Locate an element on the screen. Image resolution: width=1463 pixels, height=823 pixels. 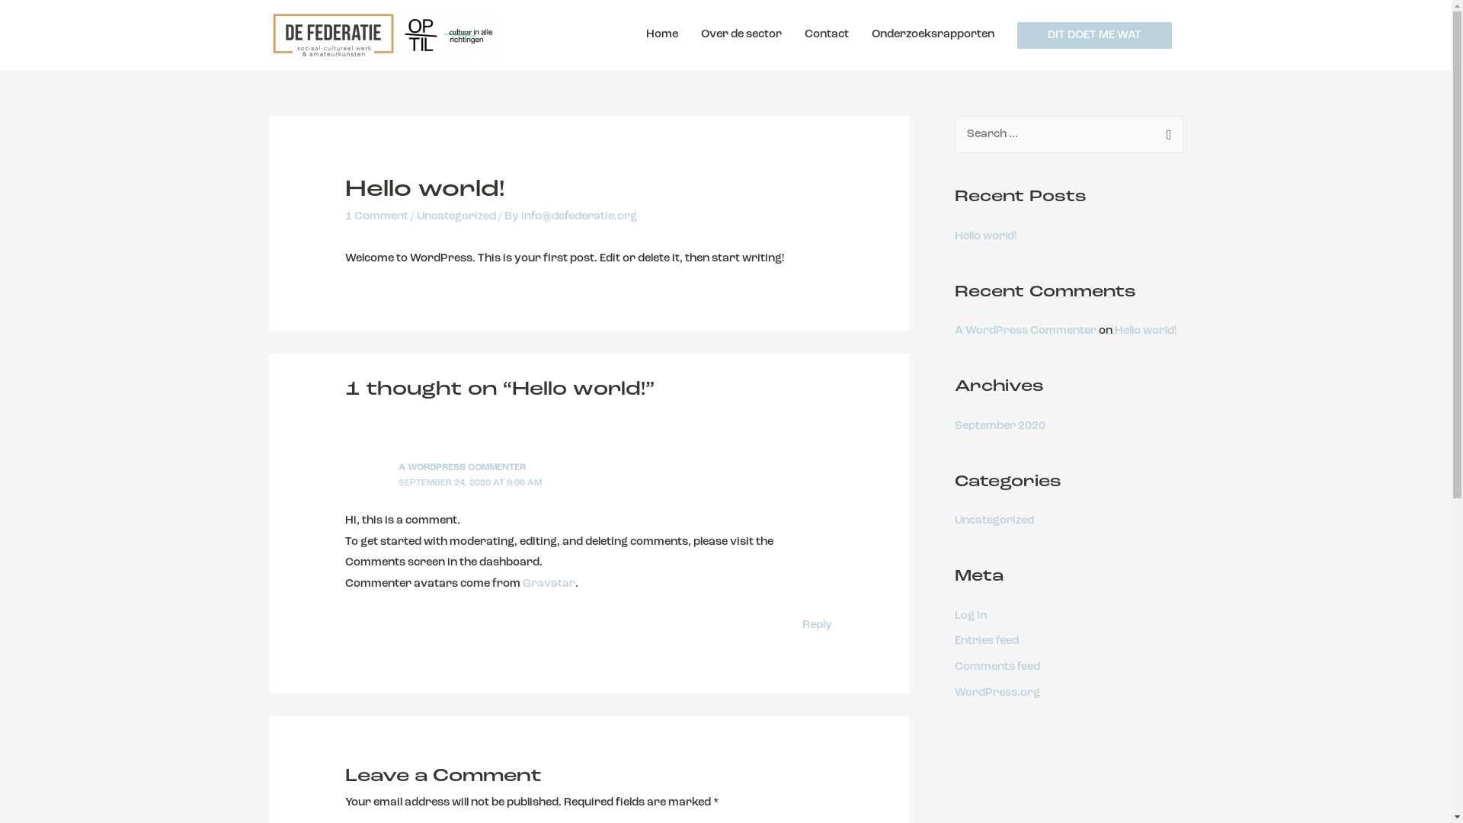
'Comments feed' is located at coordinates (997, 666).